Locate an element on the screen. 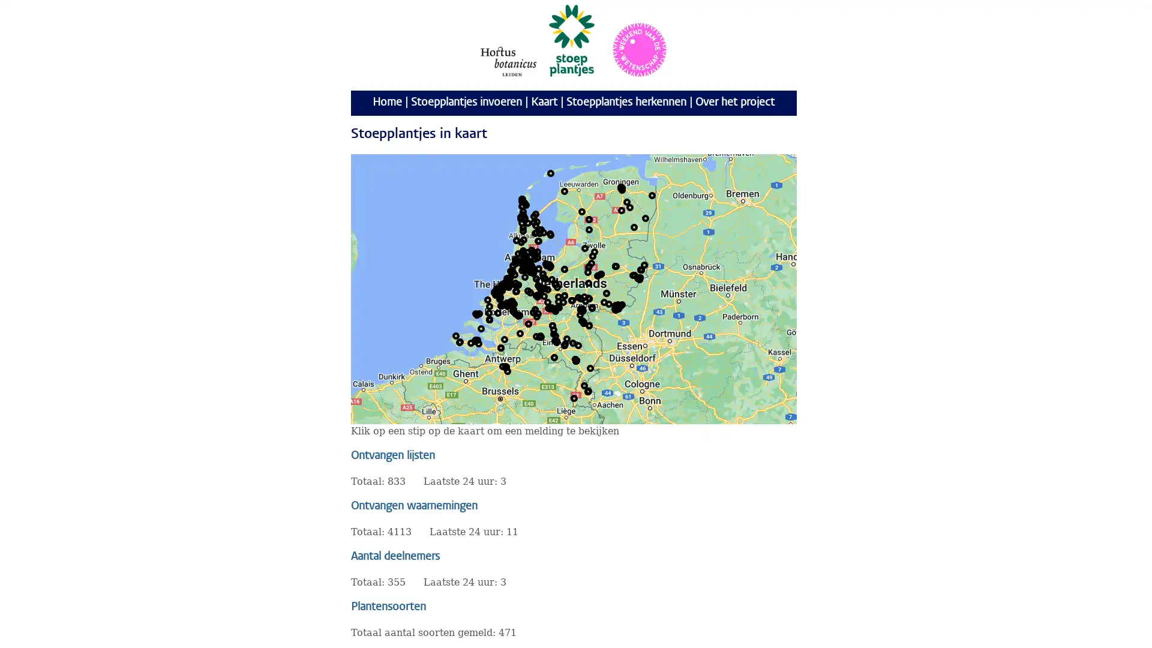 The width and height of the screenshot is (1152, 648). Telling van op 19 november 2021 is located at coordinates (546, 265).